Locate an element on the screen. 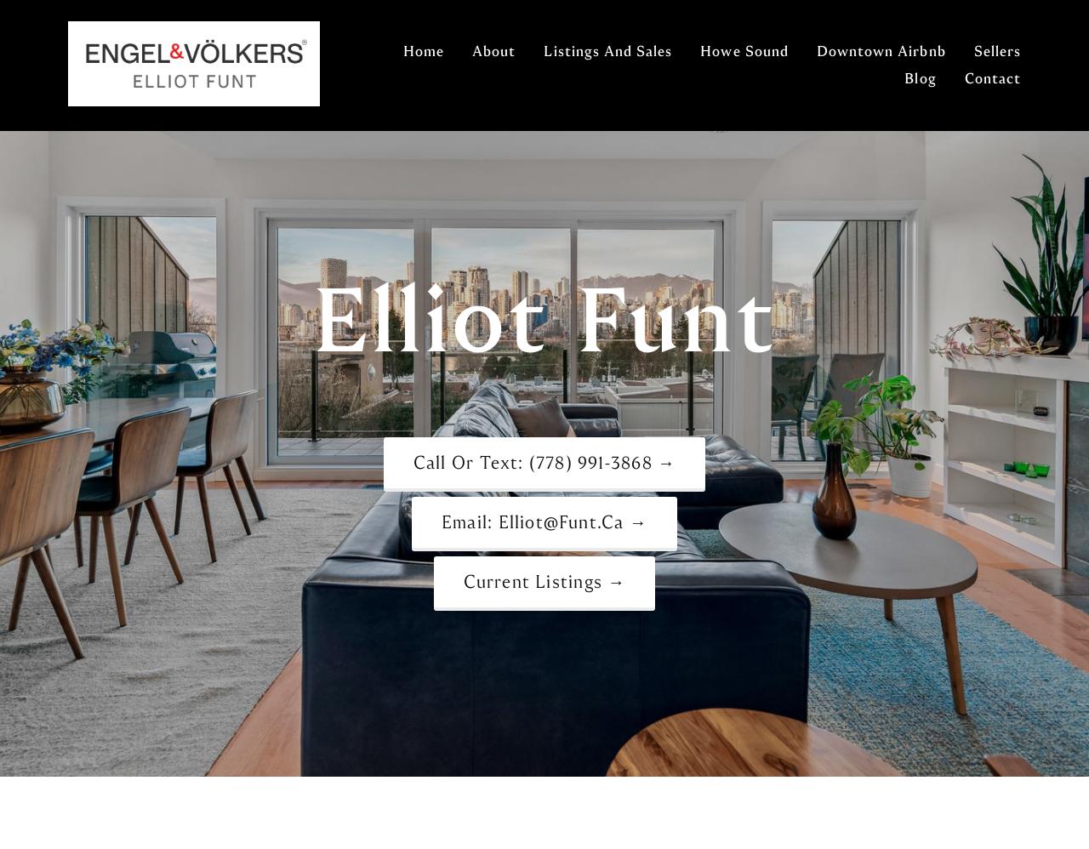  'Blog' is located at coordinates (904, 77).